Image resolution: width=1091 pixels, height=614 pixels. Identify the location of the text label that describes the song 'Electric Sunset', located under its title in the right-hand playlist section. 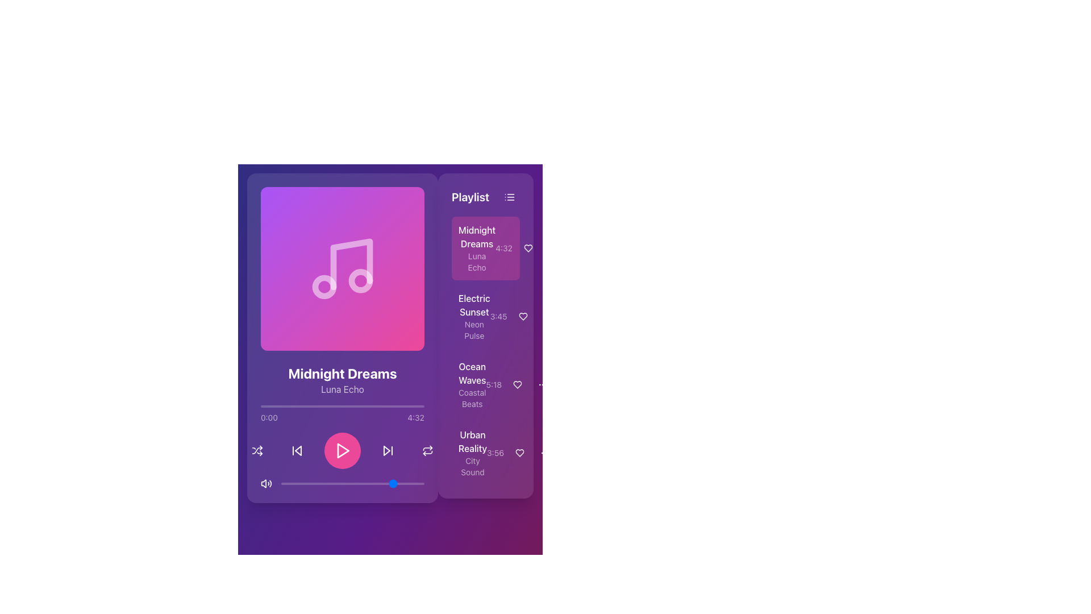
(474, 330).